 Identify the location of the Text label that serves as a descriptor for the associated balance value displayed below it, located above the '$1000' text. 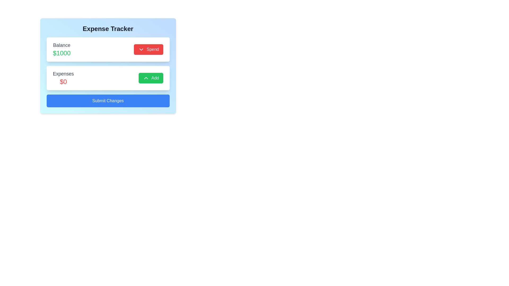
(62, 45).